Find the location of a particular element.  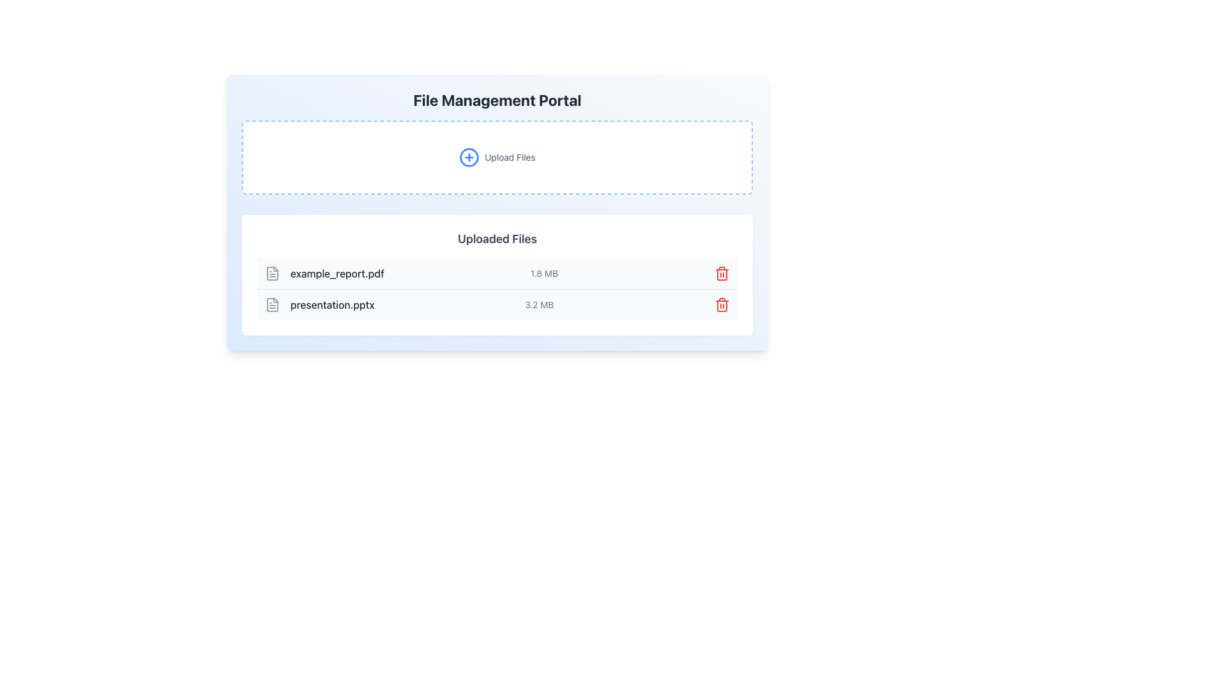

the text label displaying 'presentation.pptx' is located at coordinates (319, 305).